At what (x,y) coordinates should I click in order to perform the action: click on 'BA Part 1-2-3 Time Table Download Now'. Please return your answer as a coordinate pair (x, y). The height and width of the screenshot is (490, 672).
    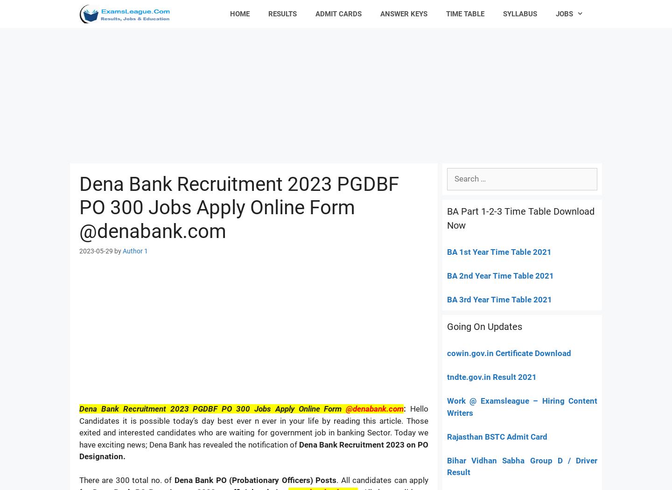
    Looking at the image, I should click on (520, 218).